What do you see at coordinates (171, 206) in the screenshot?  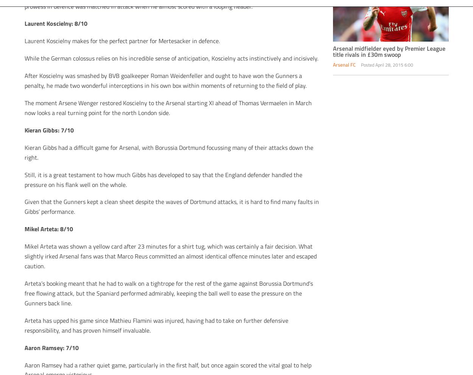 I see `'Given that the Gunners kept a clean sheet despite the waves of Dortmund attacks, it is hard to find many faults in Gibbs’ performance.'` at bounding box center [171, 206].